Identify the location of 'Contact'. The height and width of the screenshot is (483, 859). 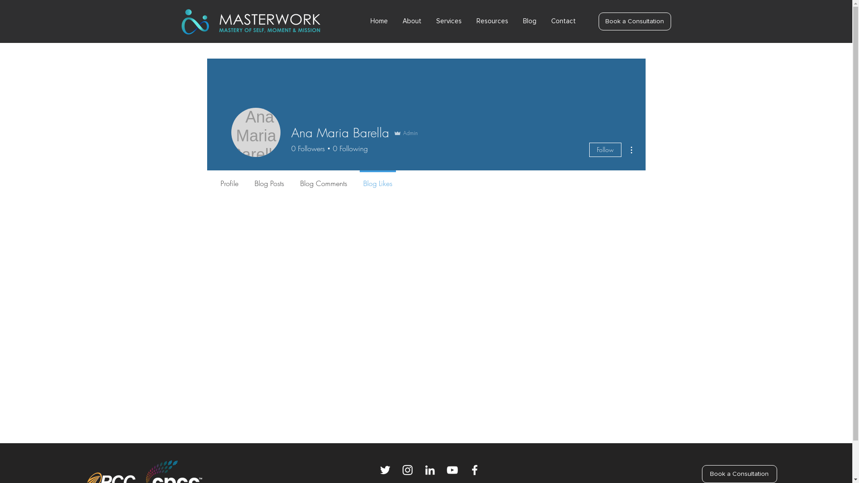
(566, 20).